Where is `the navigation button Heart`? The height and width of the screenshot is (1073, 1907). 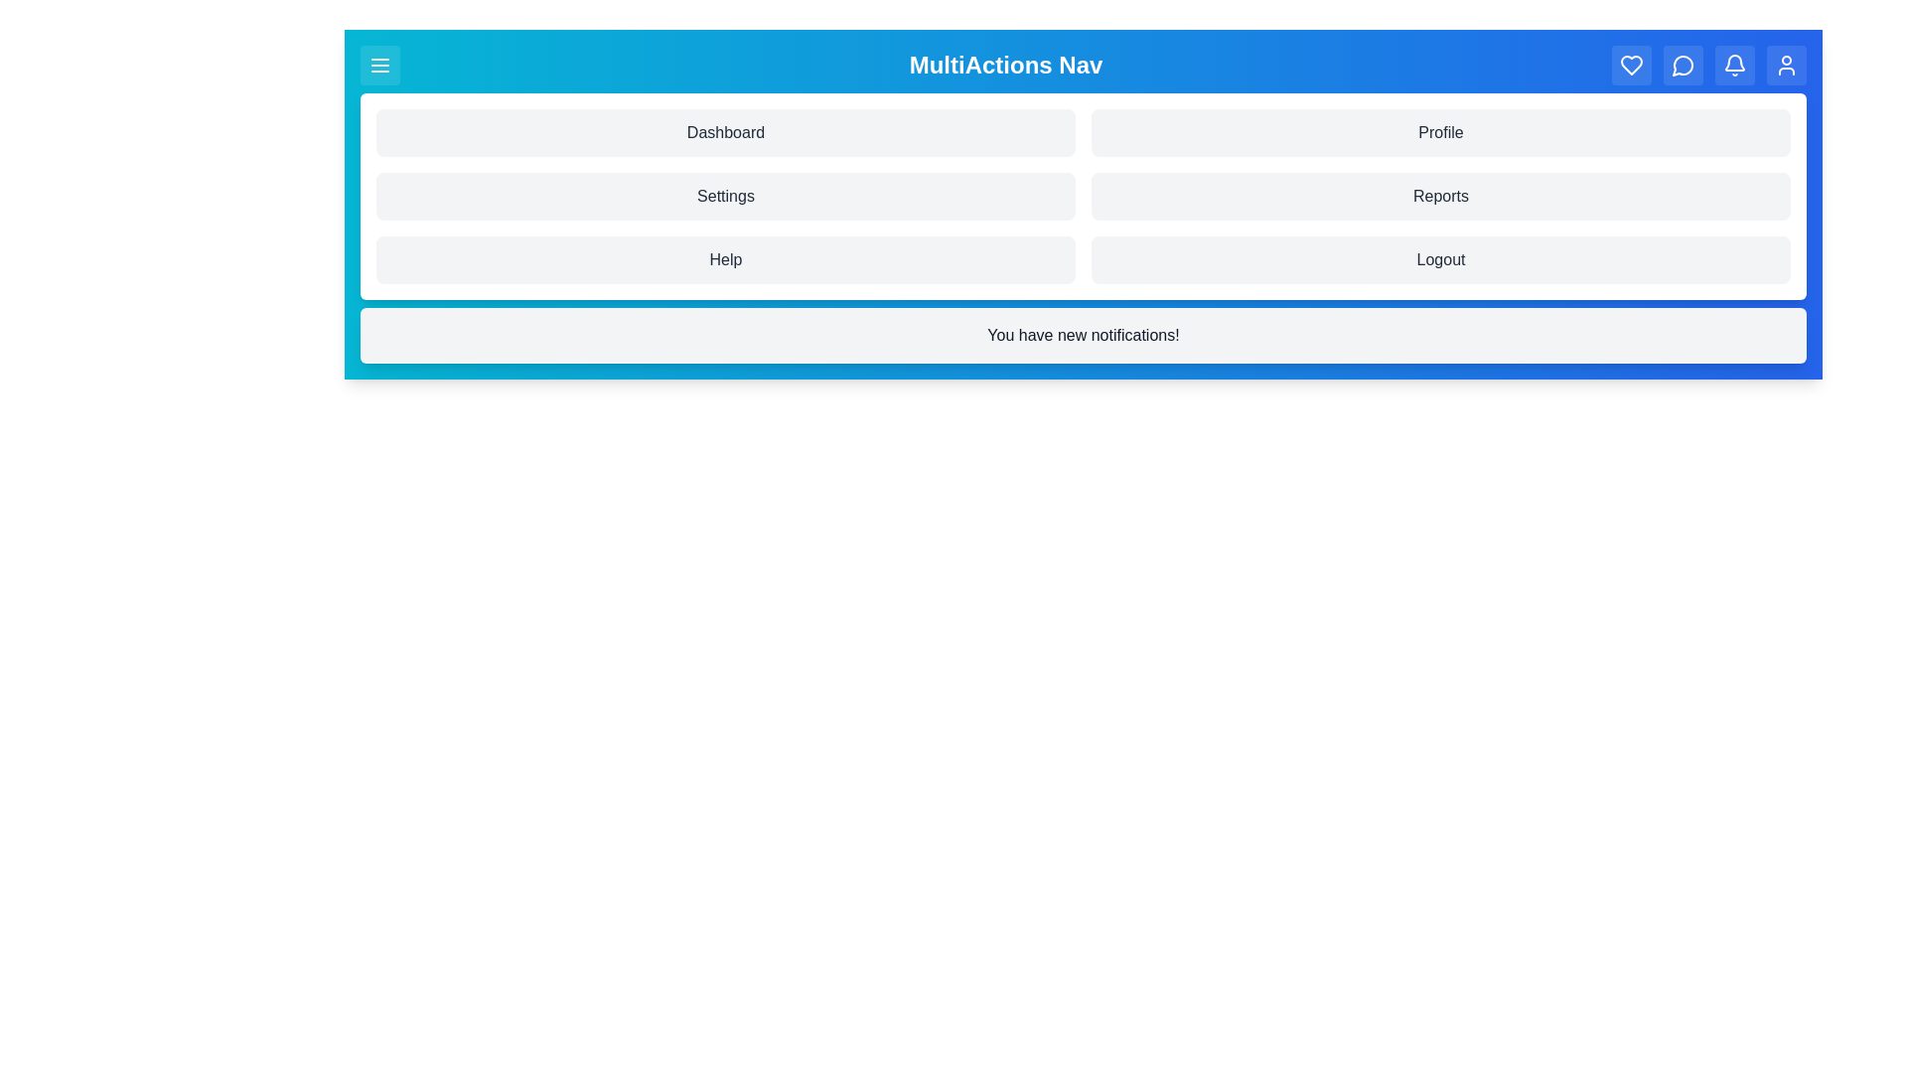
the navigation button Heart is located at coordinates (1631, 64).